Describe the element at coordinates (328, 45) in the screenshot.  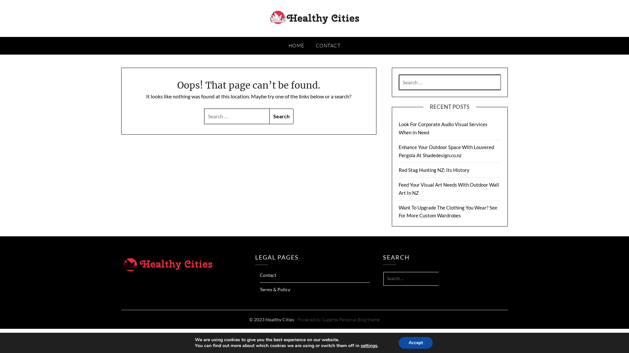
I see `'CONTACT'` at that location.